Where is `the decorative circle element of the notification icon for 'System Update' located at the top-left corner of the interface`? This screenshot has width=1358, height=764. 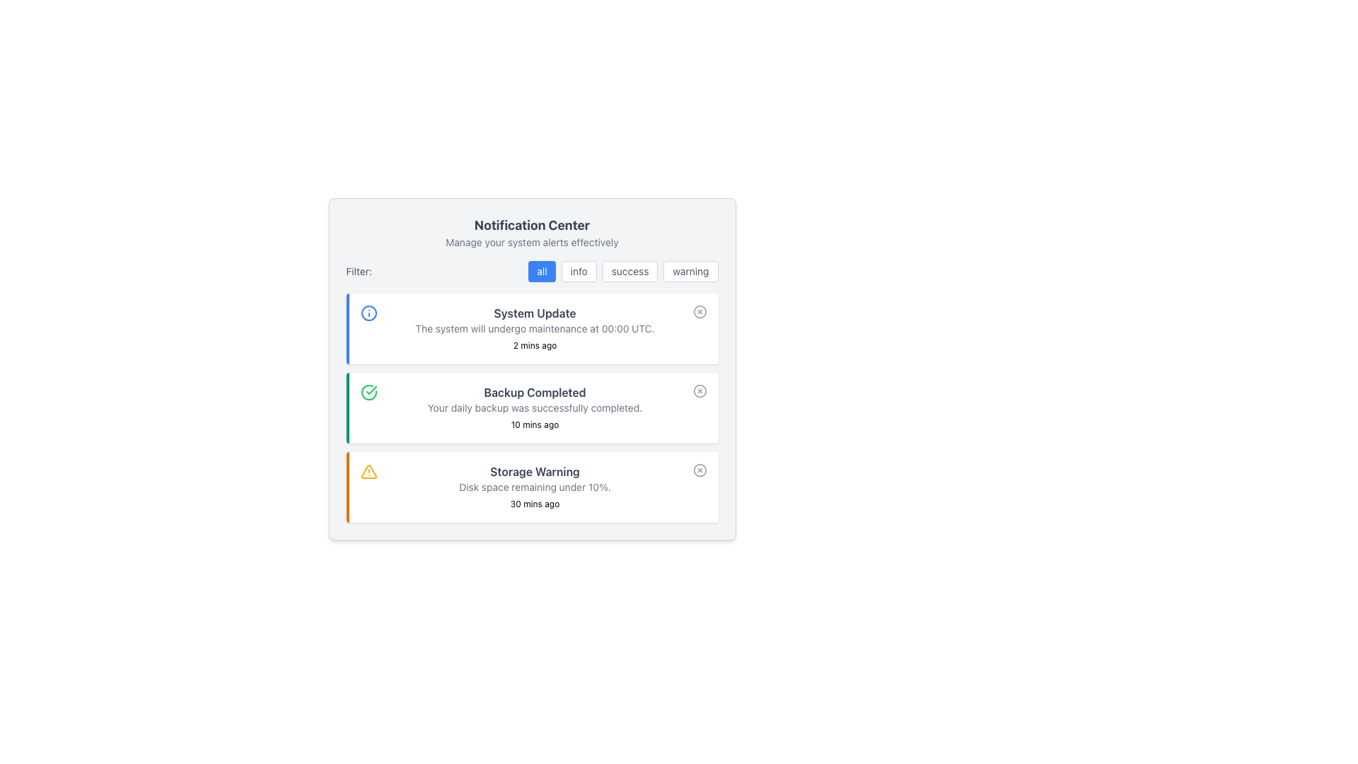
the decorative circle element of the notification icon for 'System Update' located at the top-left corner of the interface is located at coordinates (368, 313).